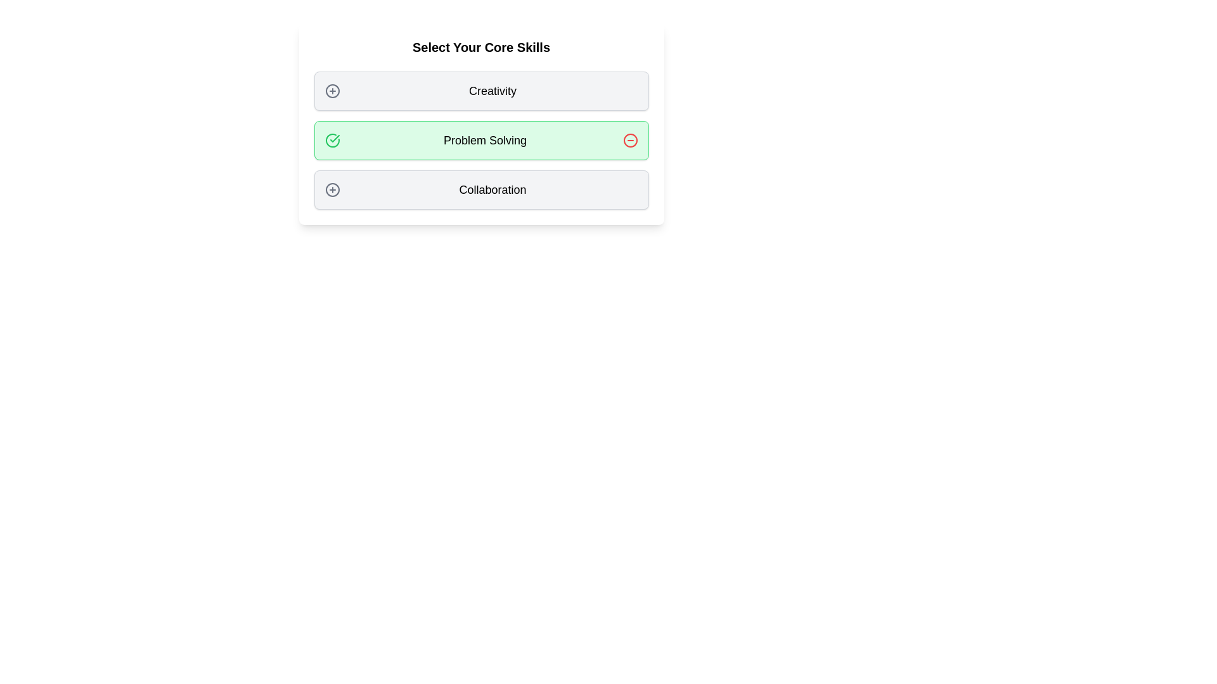 The image size is (1217, 684). What do you see at coordinates (480, 141) in the screenshot?
I see `the tag Problem Solving to toggle its selection state` at bounding box center [480, 141].